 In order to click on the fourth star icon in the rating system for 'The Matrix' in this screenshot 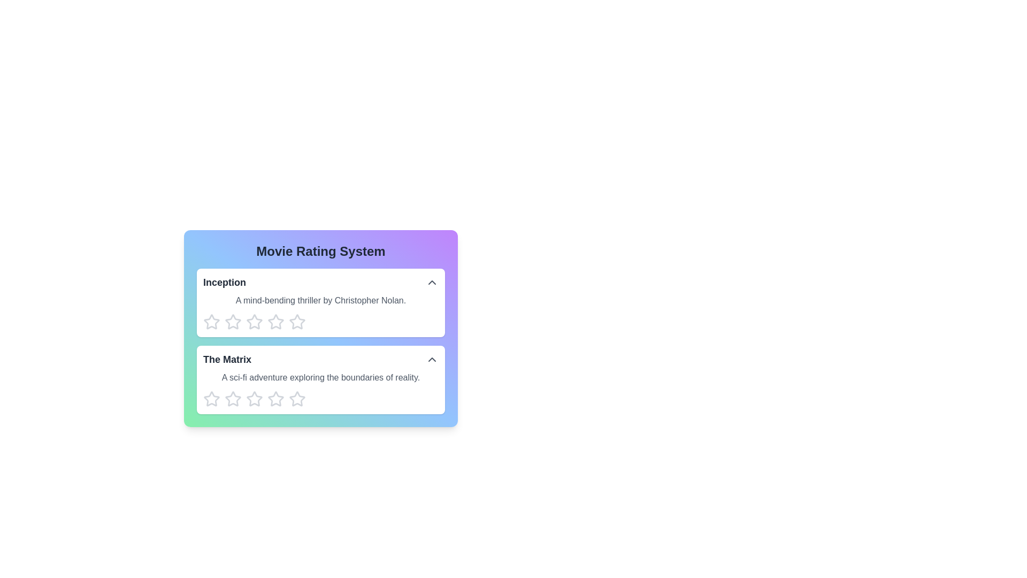, I will do `click(254, 399)`.